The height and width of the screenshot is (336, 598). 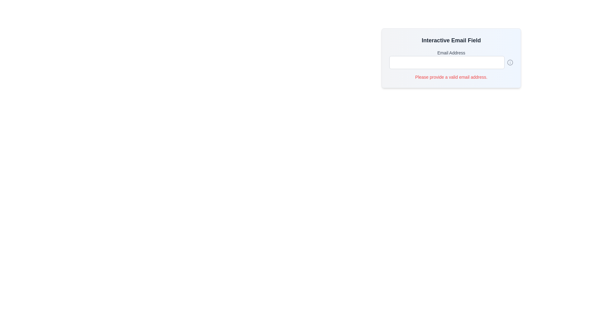 I want to click on error message displayed as 'Please provide a valid email address.' which is styled in small red font and located directly below the 'Email Address' input field, so click(x=451, y=77).